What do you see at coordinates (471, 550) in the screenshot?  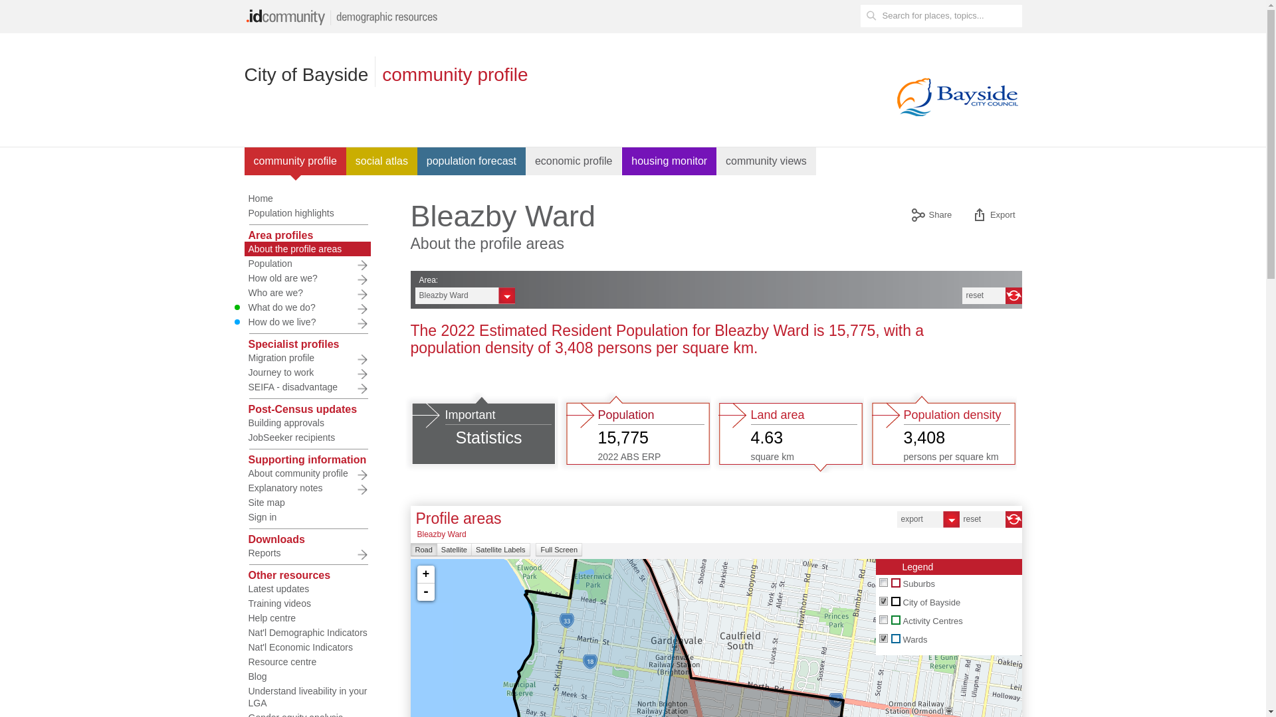 I see `'Satellite Labels'` at bounding box center [471, 550].